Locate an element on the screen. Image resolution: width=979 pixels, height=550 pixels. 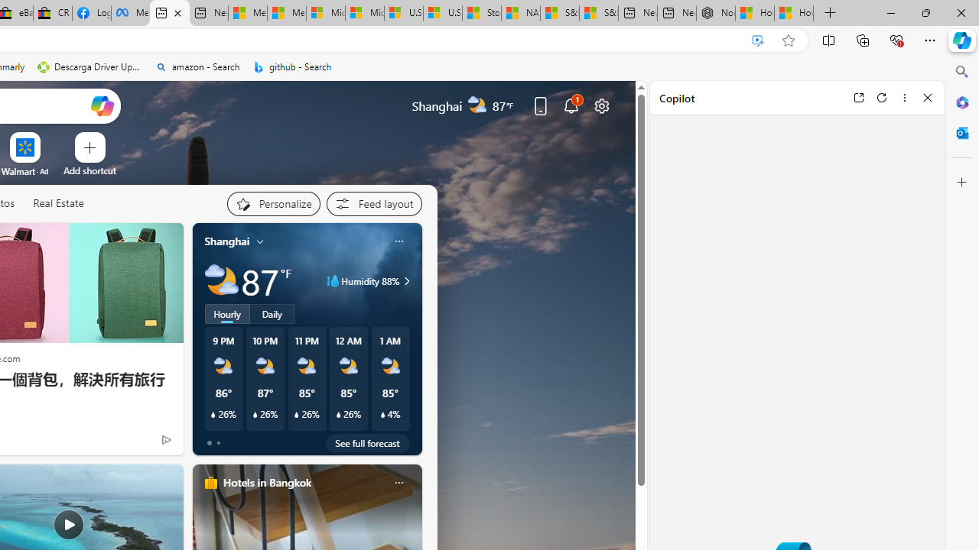
'Real Estate' is located at coordinates (58, 202).